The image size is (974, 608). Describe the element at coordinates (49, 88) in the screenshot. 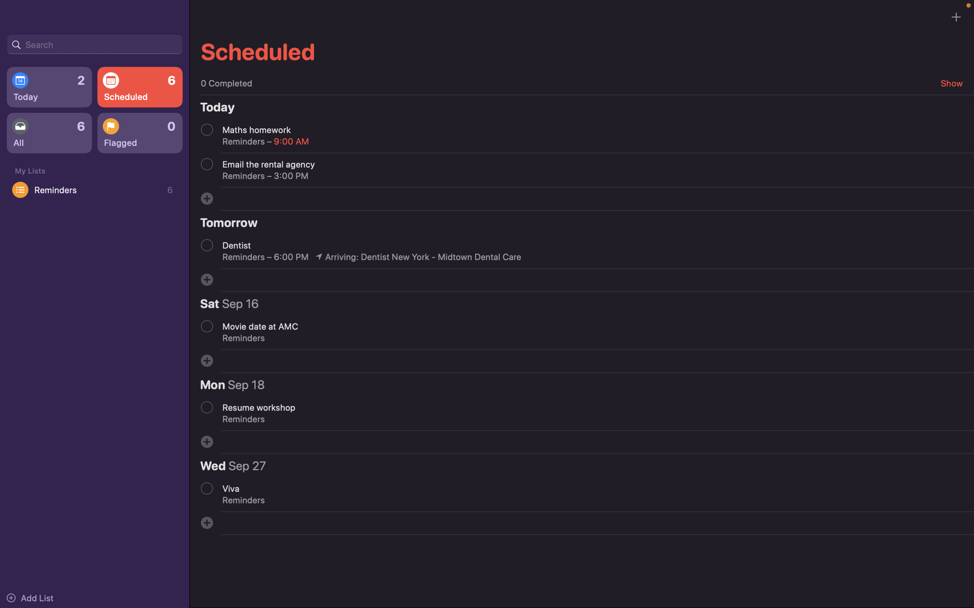

I see `Check all the scheduled activities for today` at that location.